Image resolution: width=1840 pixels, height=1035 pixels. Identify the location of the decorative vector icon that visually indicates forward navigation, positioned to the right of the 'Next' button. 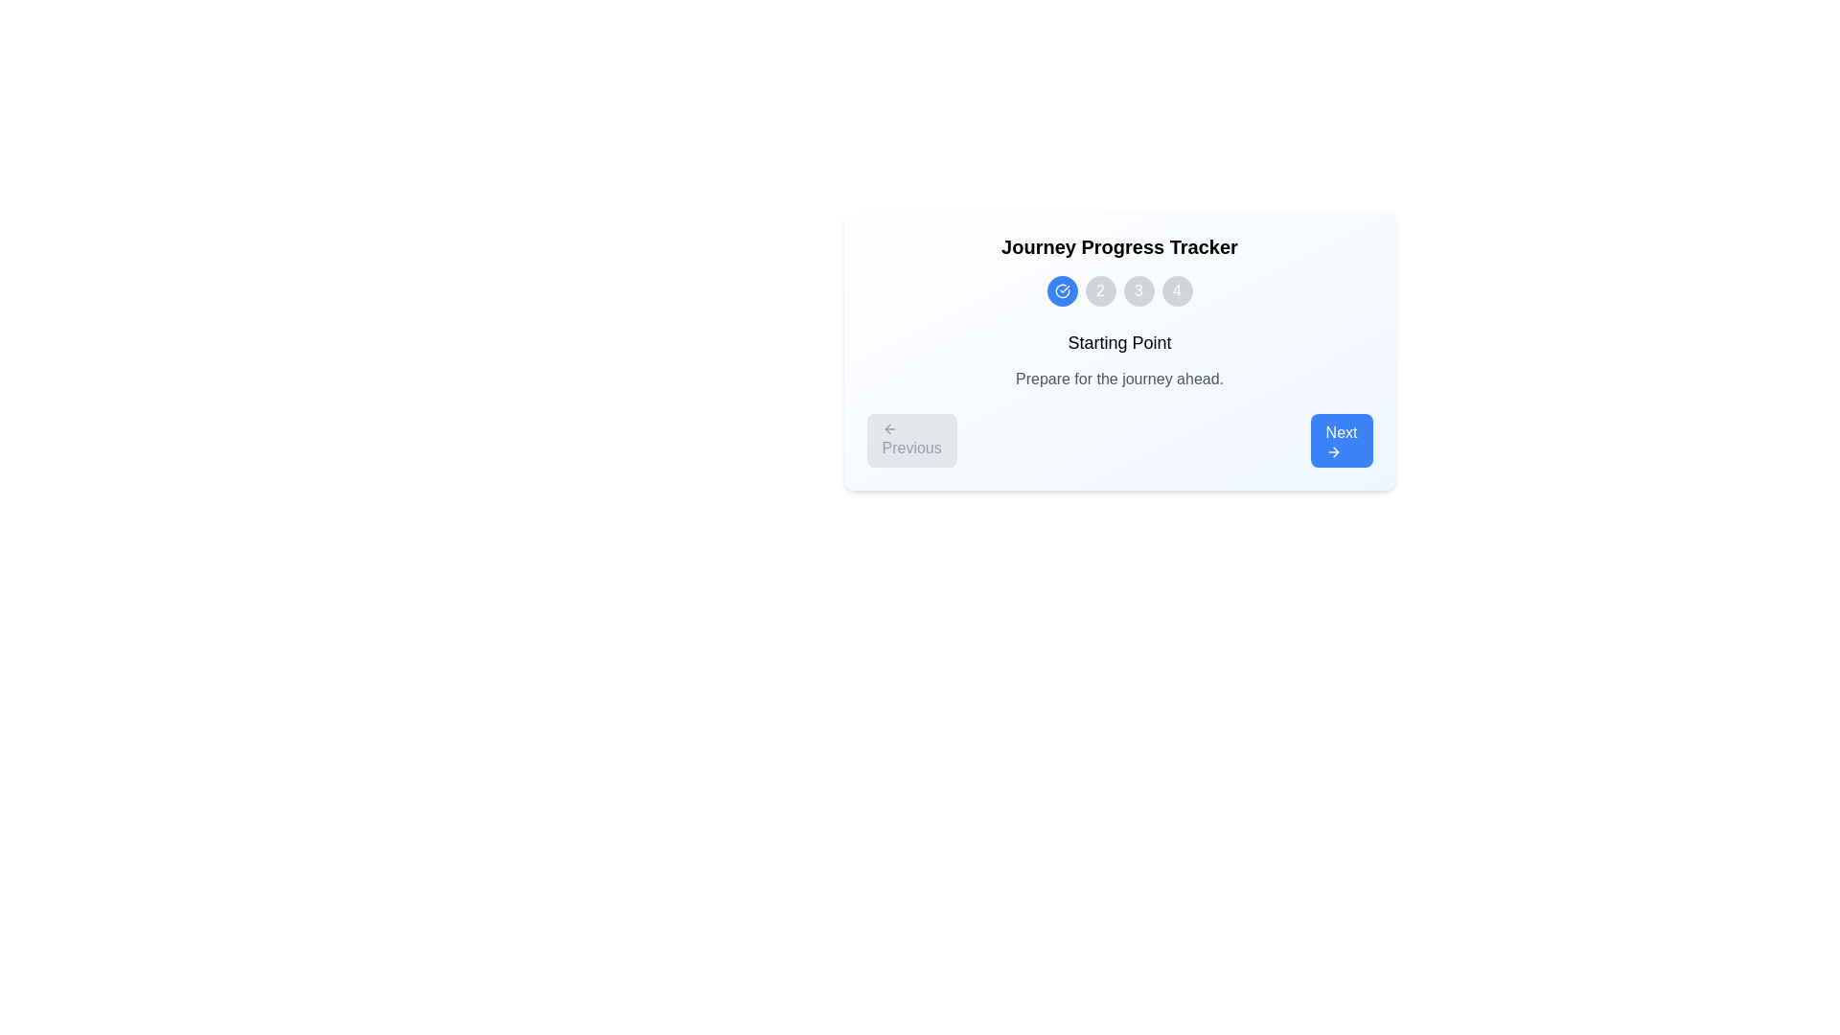
(1334, 451).